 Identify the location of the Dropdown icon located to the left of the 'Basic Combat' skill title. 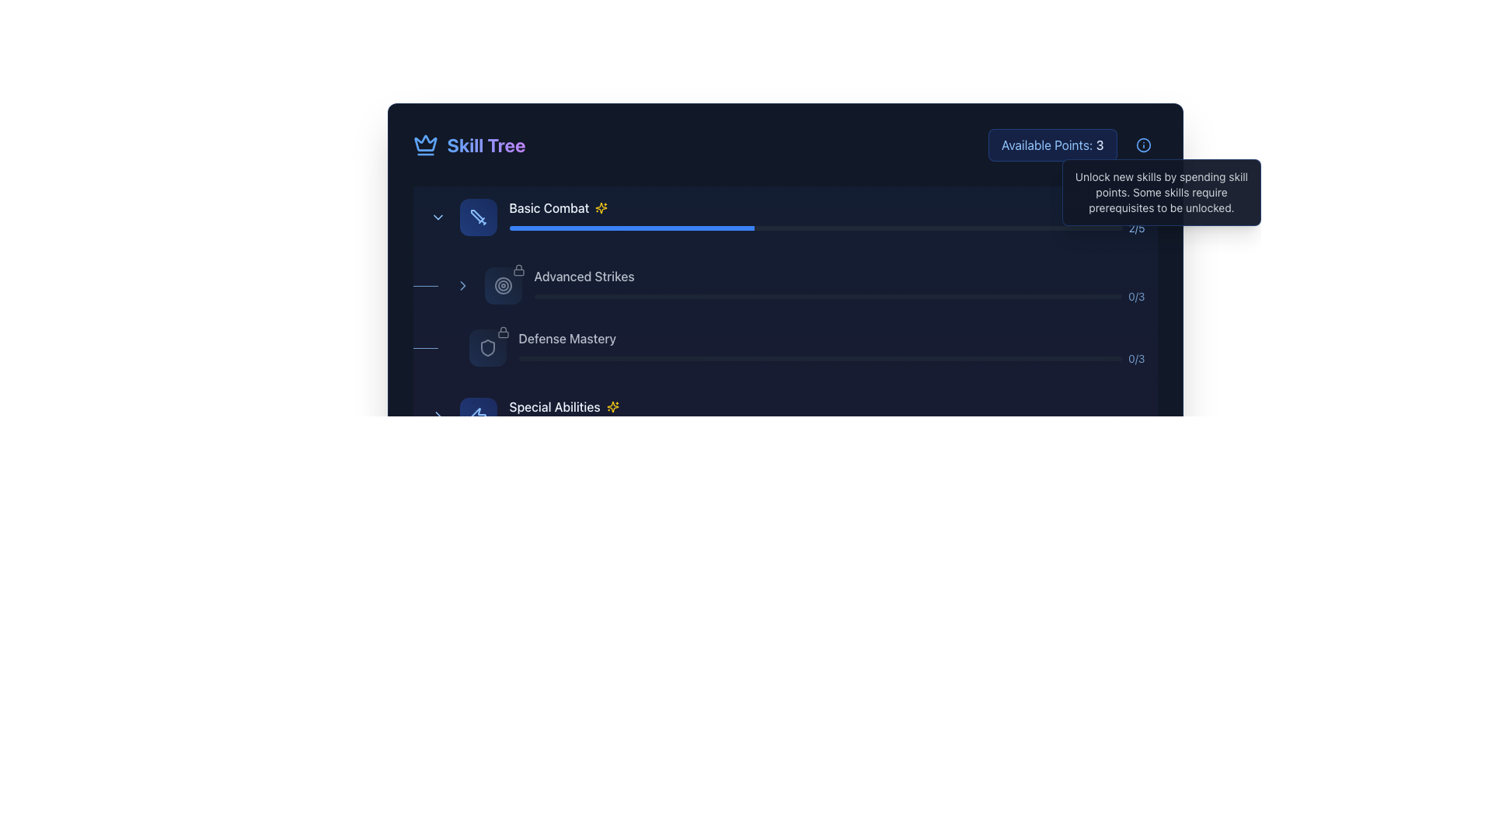
(437, 218).